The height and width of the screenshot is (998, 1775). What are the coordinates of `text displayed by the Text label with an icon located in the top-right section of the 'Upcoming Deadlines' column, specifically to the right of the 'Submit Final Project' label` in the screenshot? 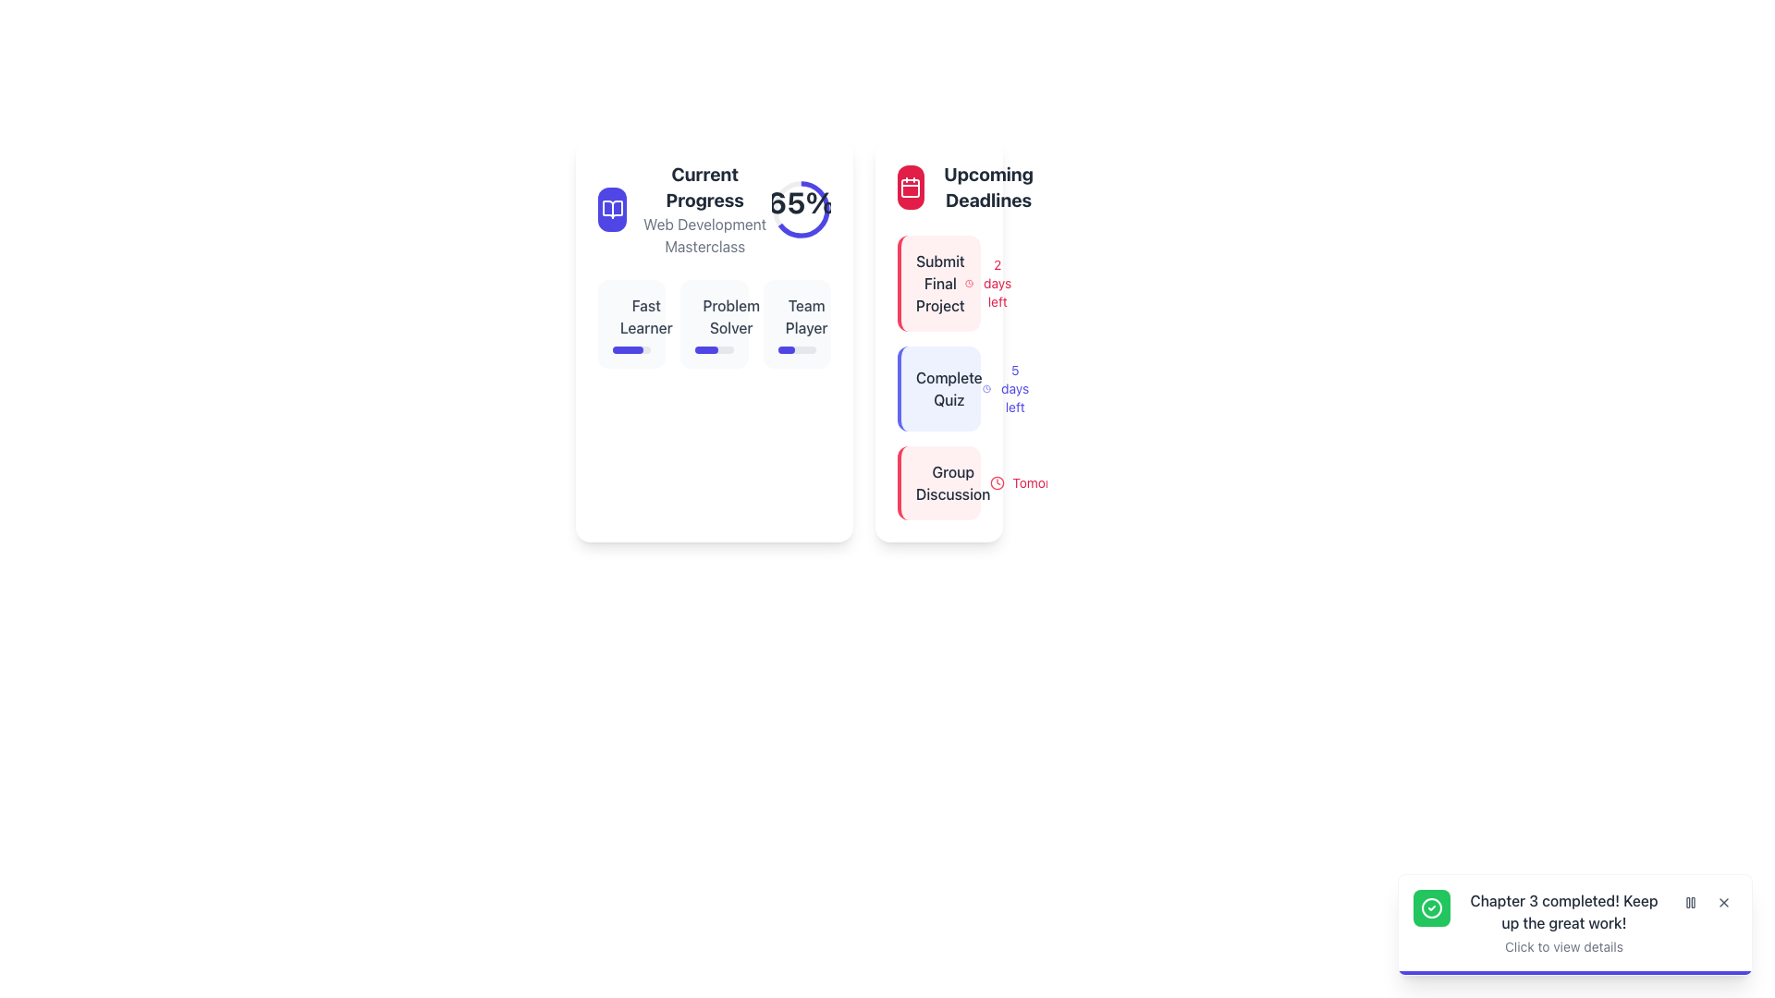 It's located at (988, 284).